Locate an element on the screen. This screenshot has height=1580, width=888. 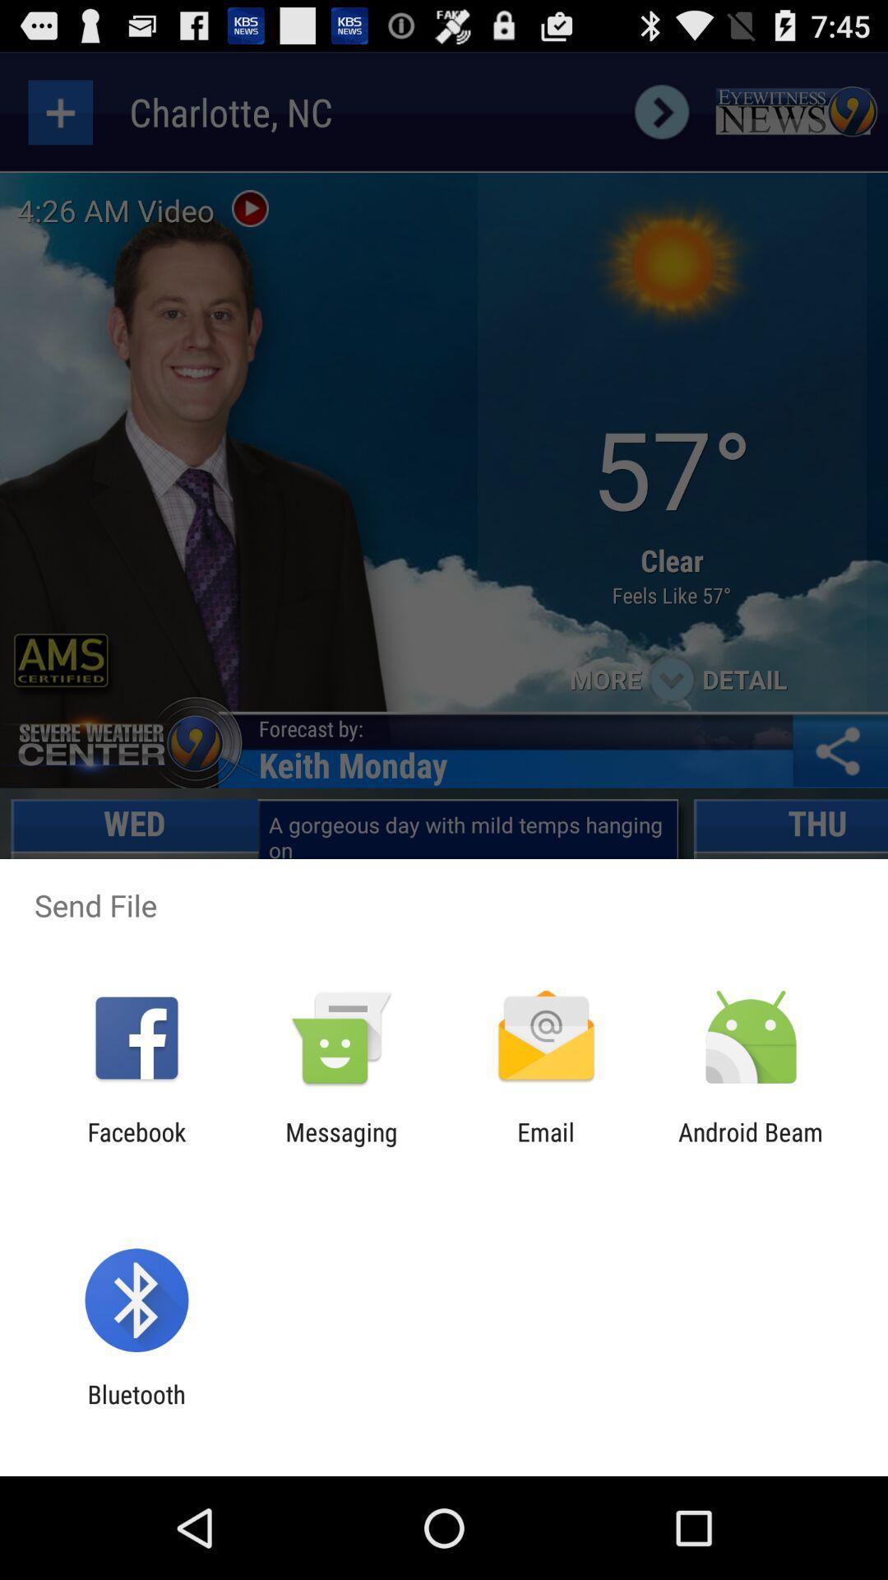
app to the left of the android beam icon is located at coordinates (546, 1145).